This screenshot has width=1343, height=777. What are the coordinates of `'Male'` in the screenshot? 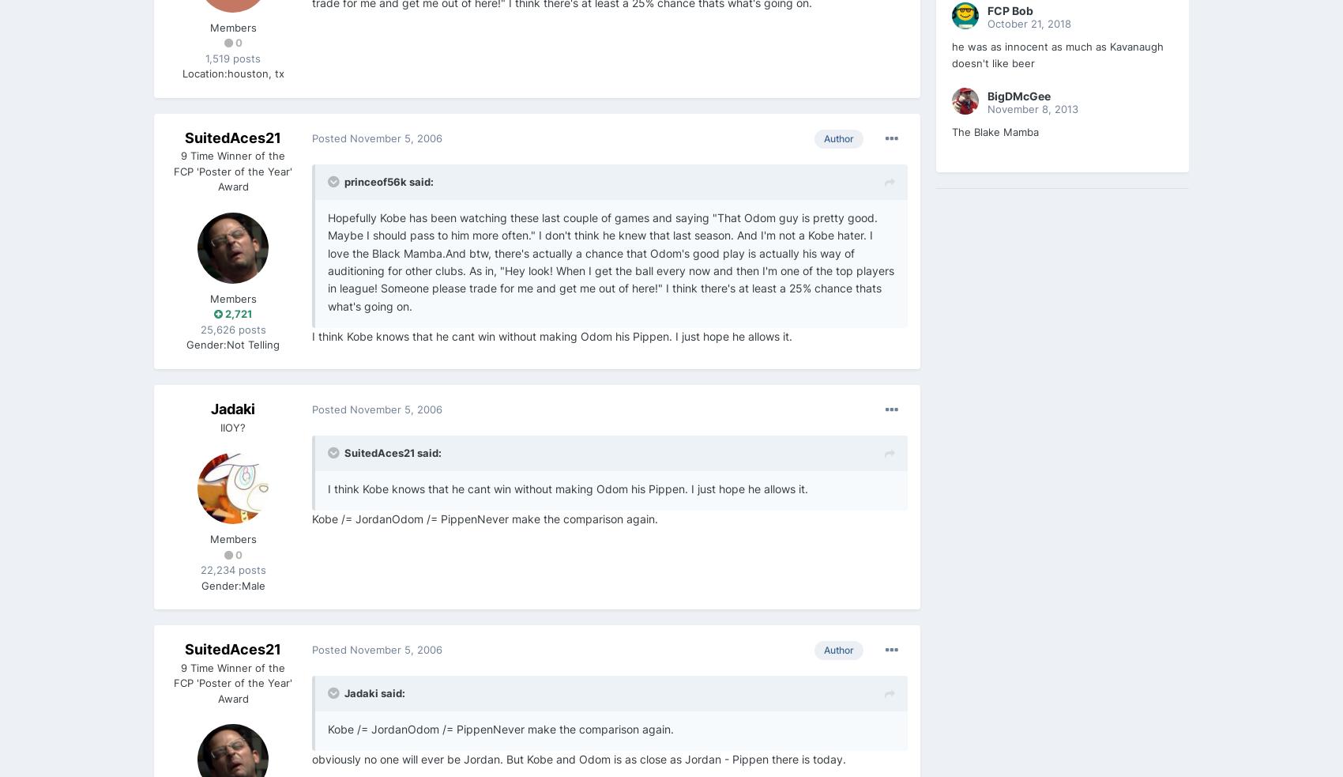 It's located at (240, 584).